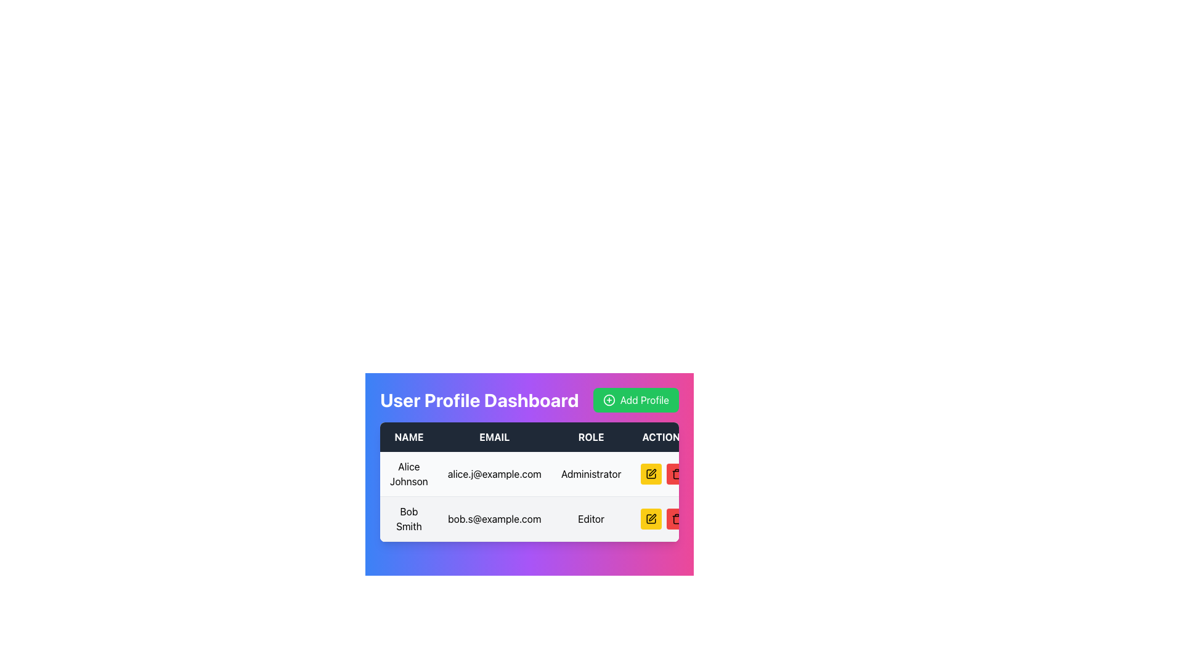 The height and width of the screenshot is (665, 1183). What do you see at coordinates (409, 474) in the screenshot?
I see `the Text label that identifies the user by their full name, located in the first row and first column of the table under the 'NAME' header, to copy the text` at bounding box center [409, 474].